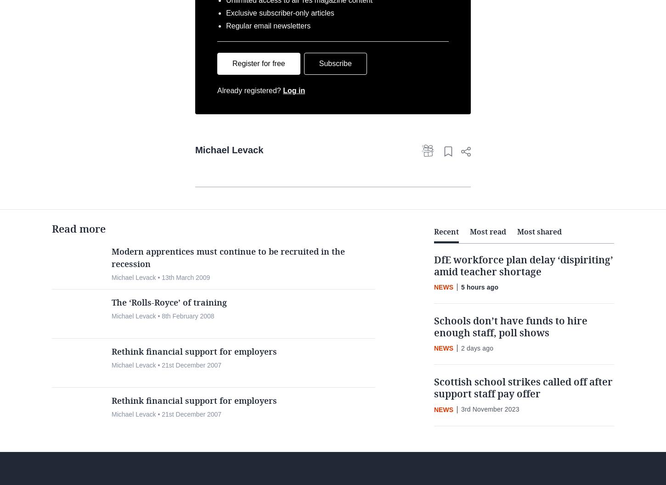  Describe the element at coordinates (523, 298) in the screenshot. I see `'DfE workforce plan delay ‘dispiriting’ amid teacher shortage'` at that location.